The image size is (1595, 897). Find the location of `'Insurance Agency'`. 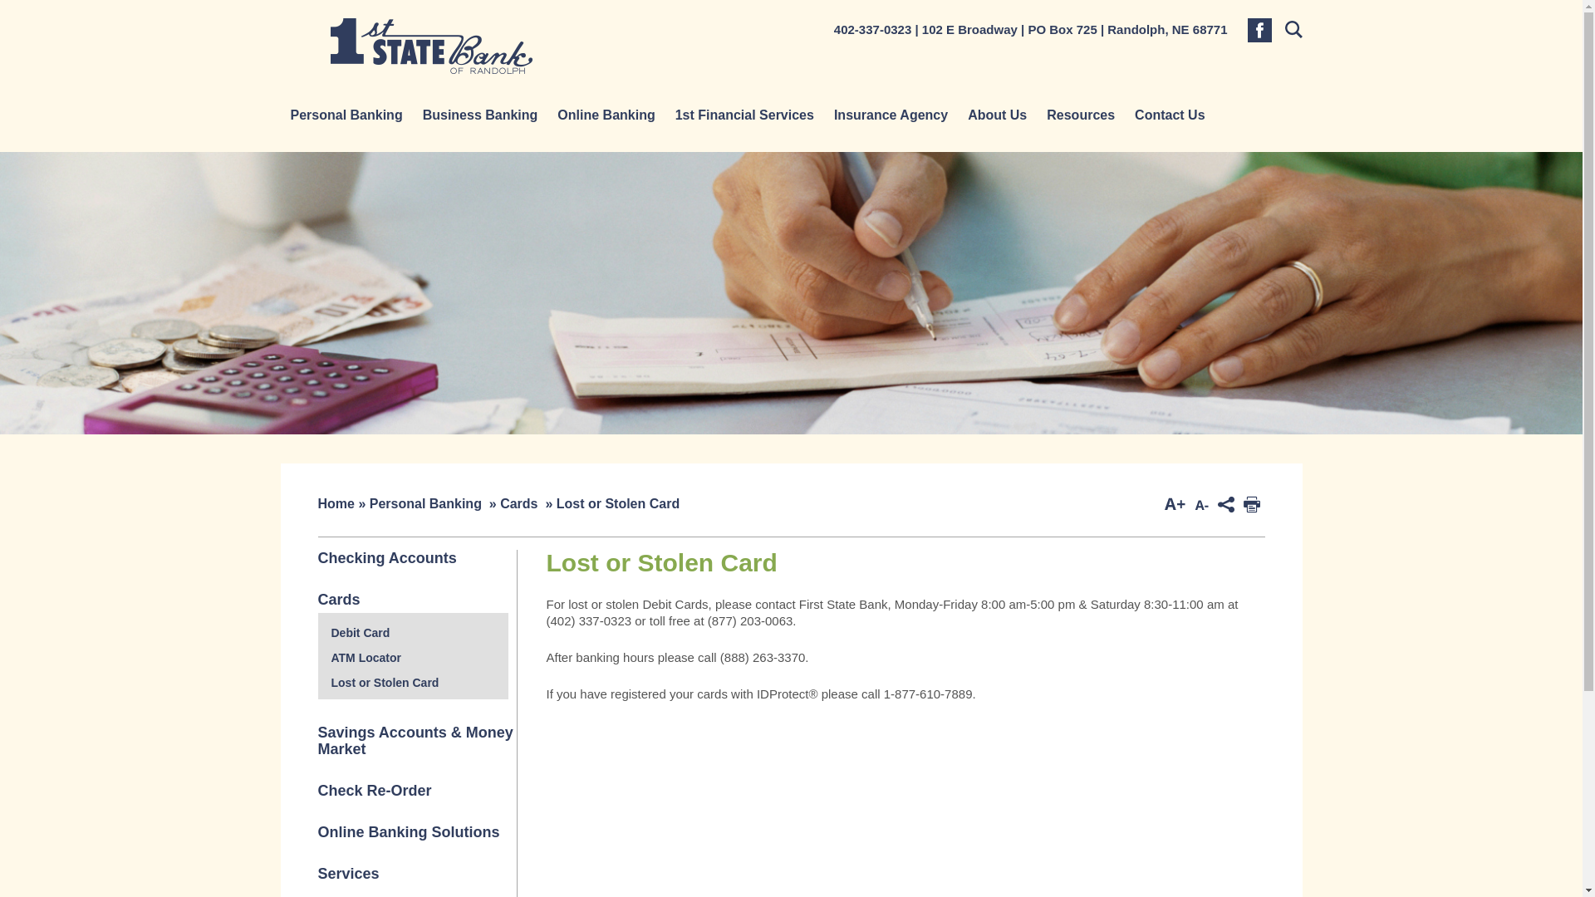

'Insurance Agency' is located at coordinates (824, 114).